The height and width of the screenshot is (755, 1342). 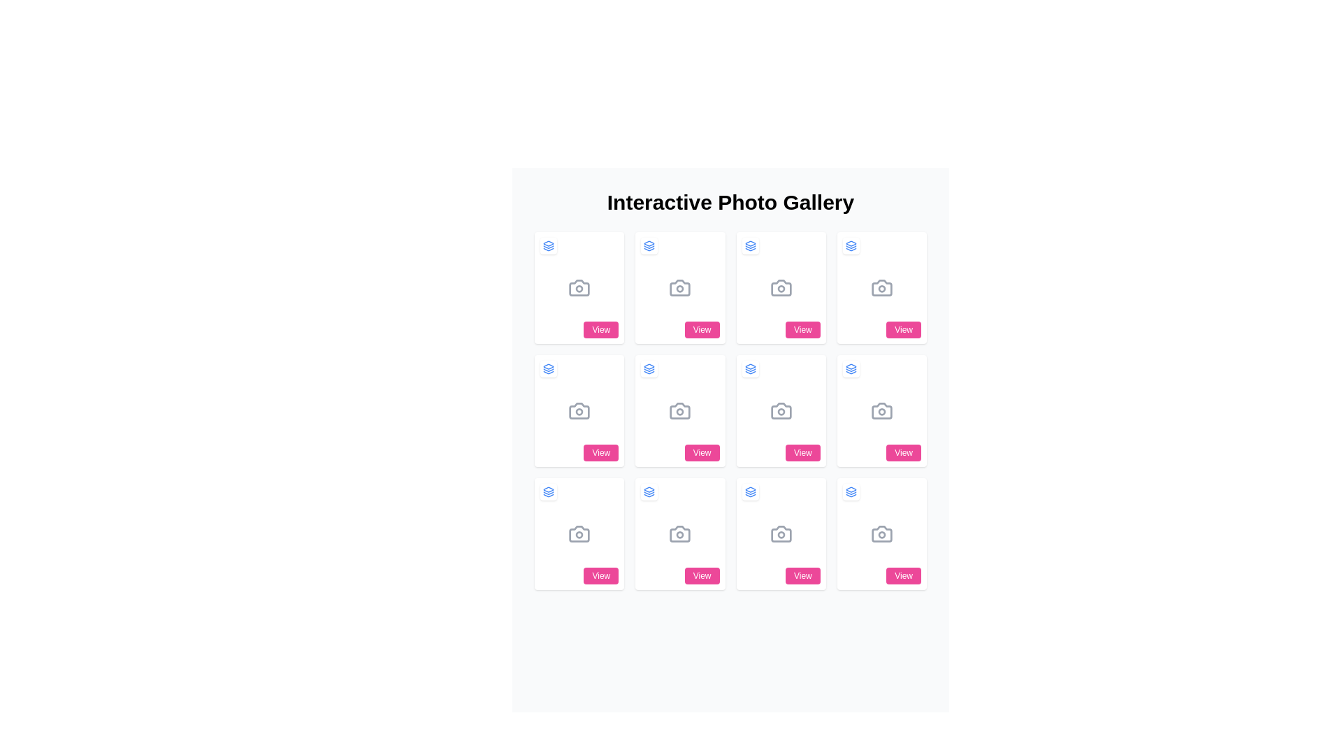 I want to click on the photo icon located in the center of the third row of cards in the grid layout, so click(x=680, y=410).